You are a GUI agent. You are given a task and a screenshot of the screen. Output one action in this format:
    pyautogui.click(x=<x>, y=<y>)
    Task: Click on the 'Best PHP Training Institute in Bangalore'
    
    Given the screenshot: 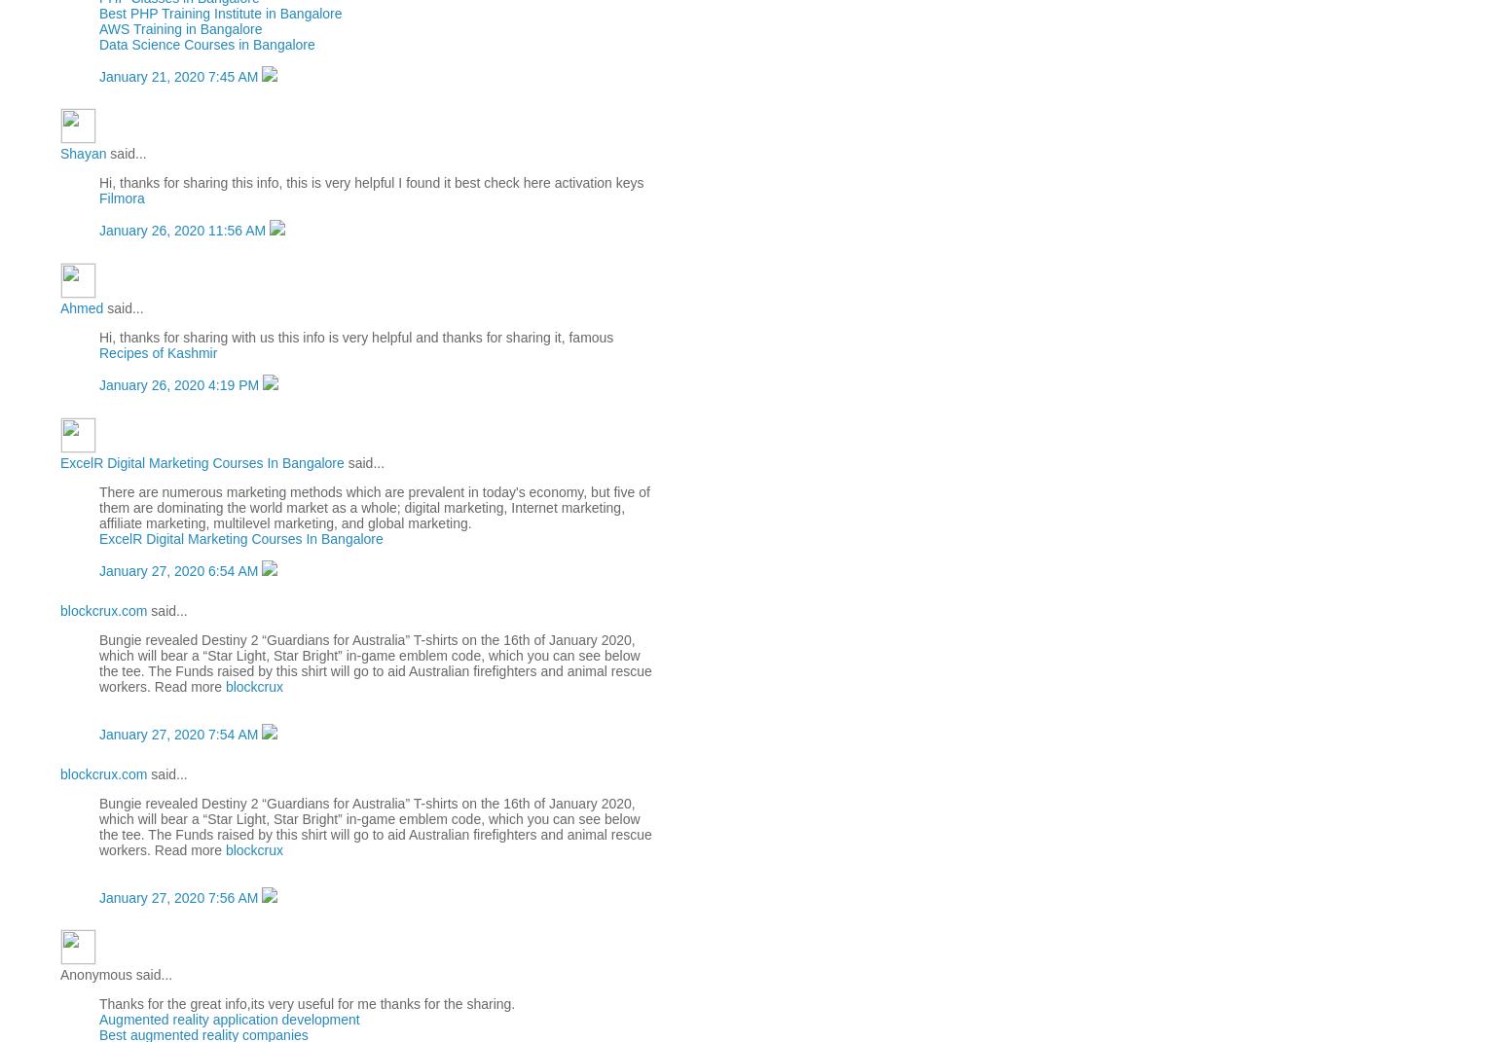 What is the action you would take?
    pyautogui.click(x=220, y=11)
    